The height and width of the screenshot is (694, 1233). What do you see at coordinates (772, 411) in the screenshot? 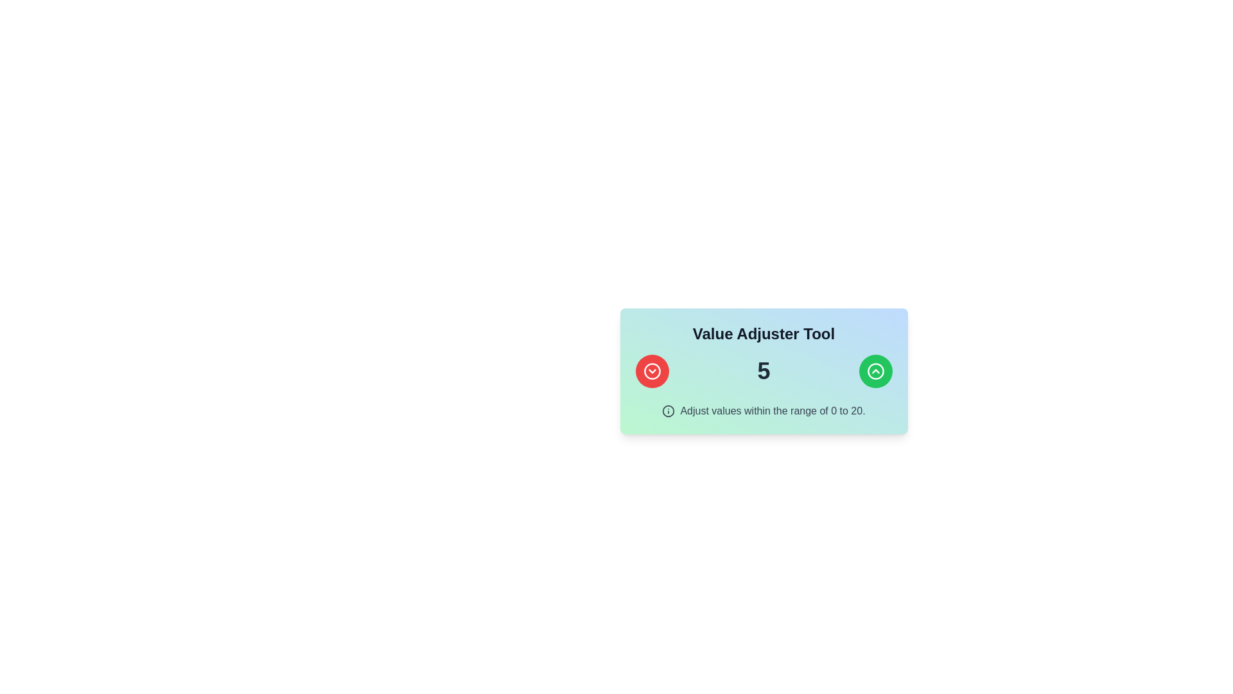
I see `the centrally located text element that provides a description for the associated value adjuster, positioned below the main value display in the card` at bounding box center [772, 411].